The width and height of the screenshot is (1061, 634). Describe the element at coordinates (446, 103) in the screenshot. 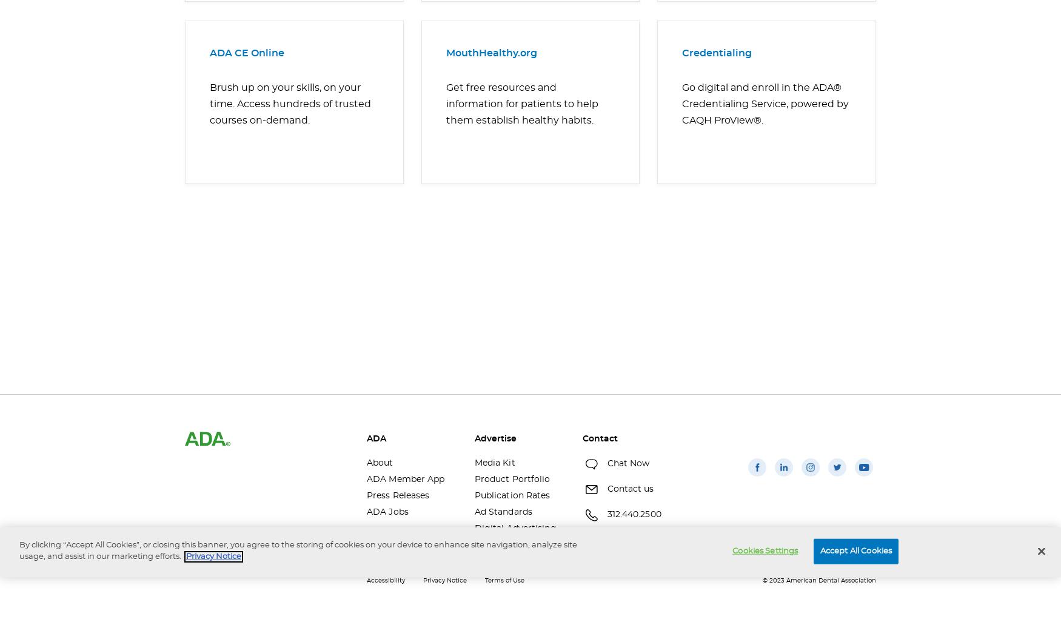

I see `'Get free resources and information for patients to help them establish healthy habits.'` at that location.